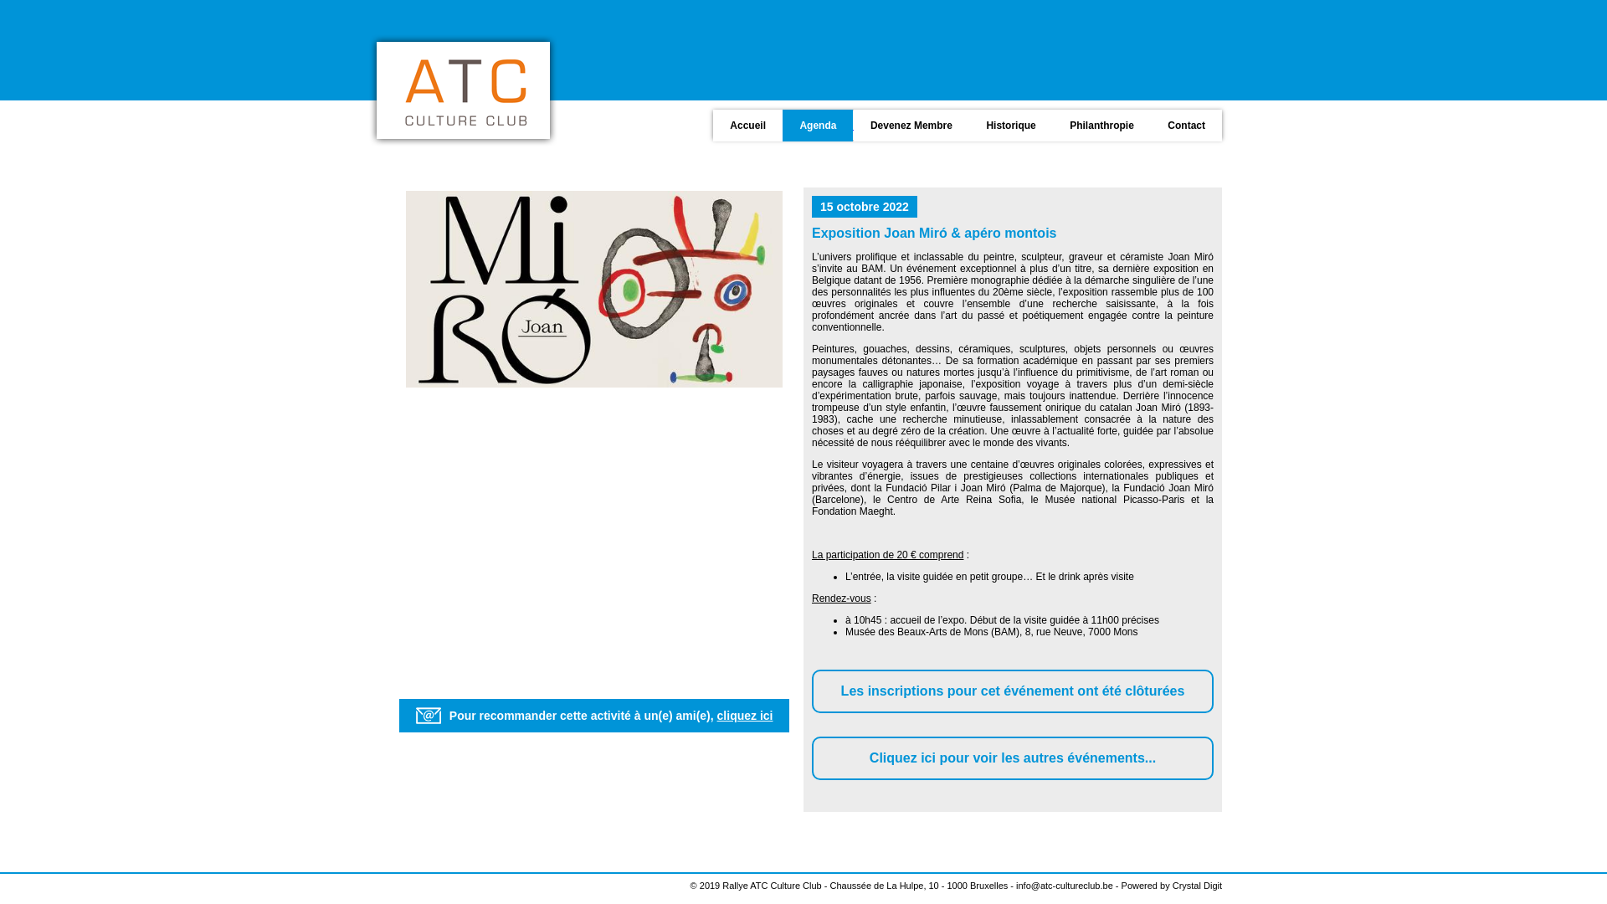 This screenshot has width=1607, height=904. I want to click on 'cliquez ici', so click(744, 716).